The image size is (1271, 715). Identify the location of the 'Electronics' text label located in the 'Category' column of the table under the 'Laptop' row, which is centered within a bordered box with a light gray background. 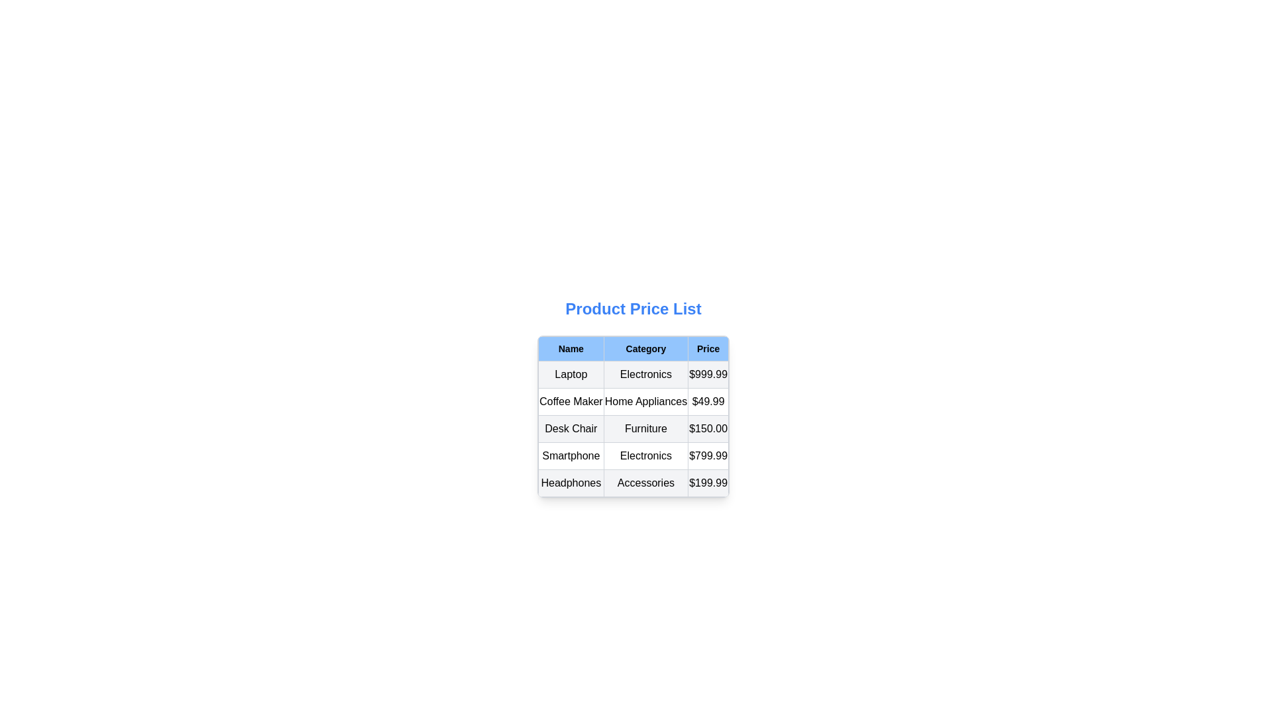
(645, 375).